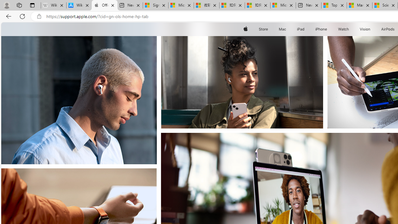 This screenshot has height=224, width=398. I want to click on 'Official Apple Support', so click(104, 5).